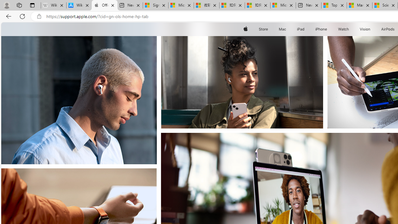 This screenshot has height=224, width=398. I want to click on 'Official Apple Support', so click(104, 5).